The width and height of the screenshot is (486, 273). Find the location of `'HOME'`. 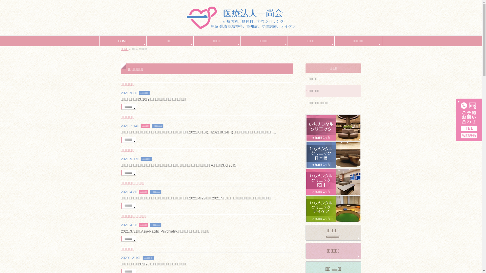

'HOME' is located at coordinates (121, 49).